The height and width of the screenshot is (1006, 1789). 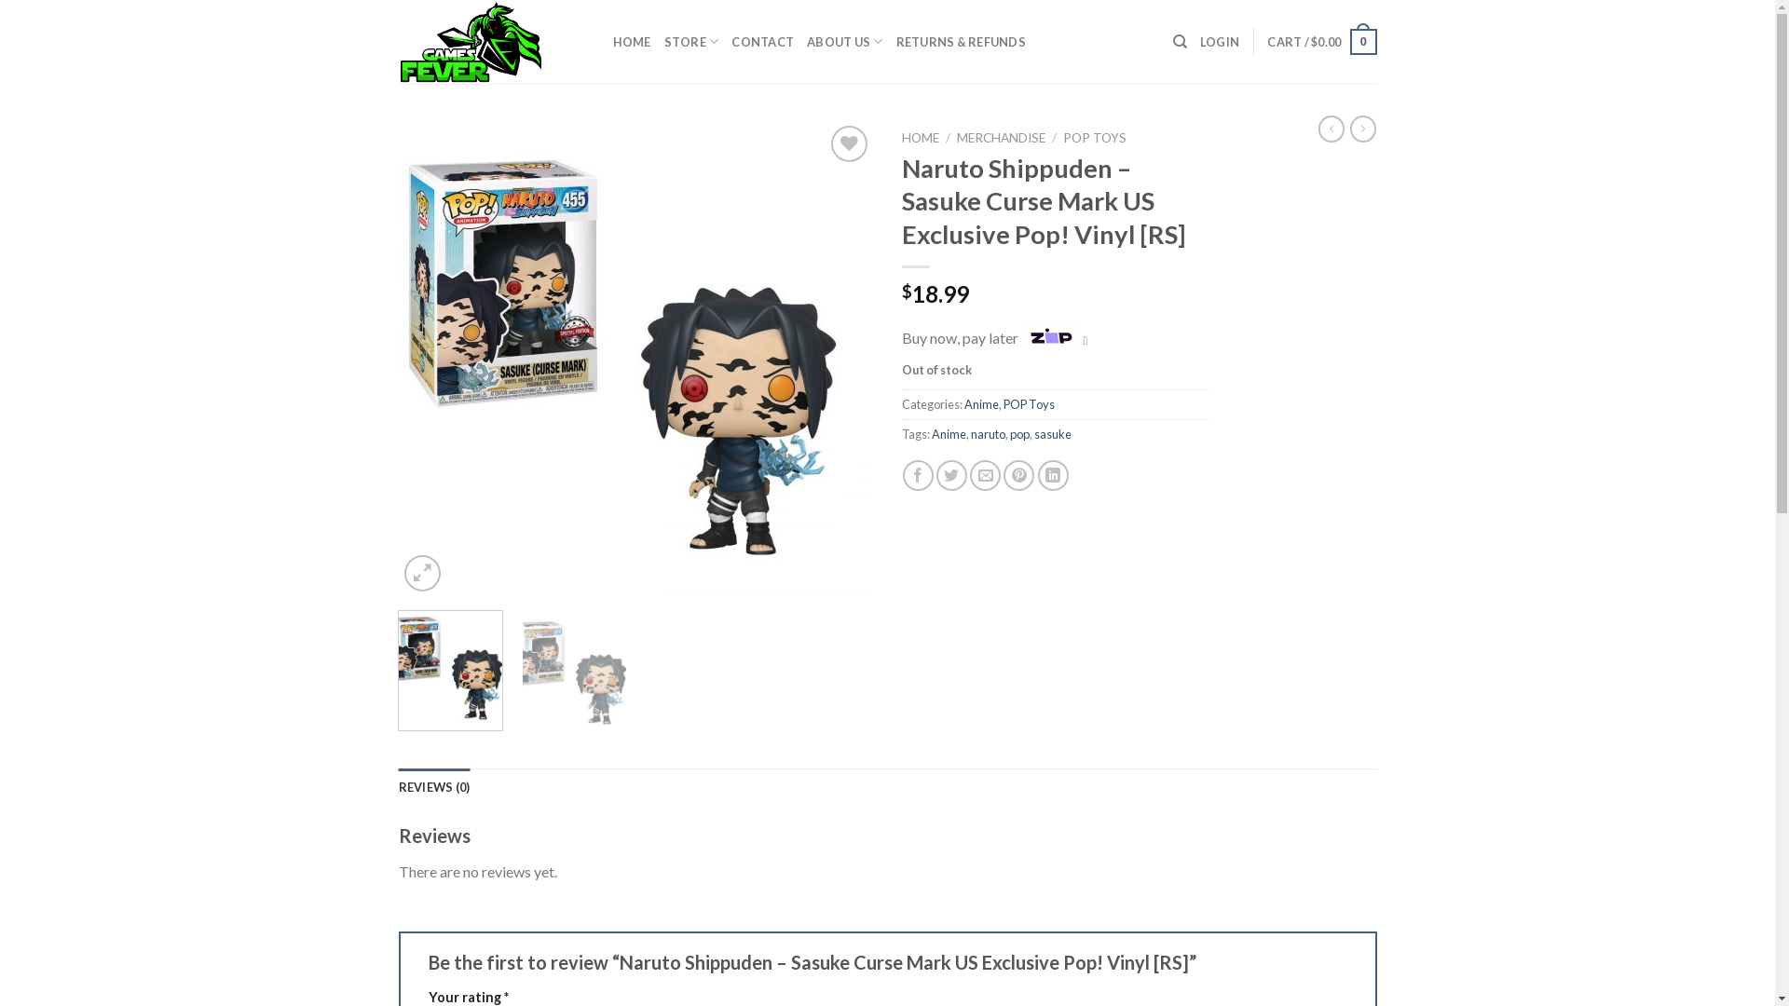 I want to click on 'Email to a Friend', so click(x=984, y=474).